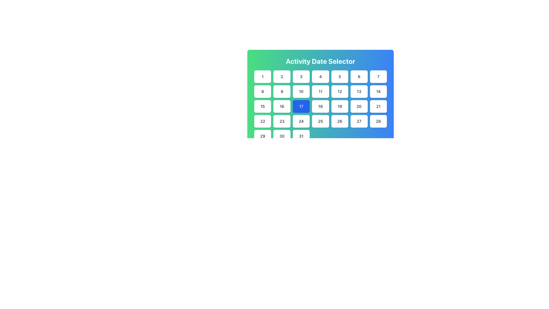  Describe the element at coordinates (262, 106) in the screenshot. I see `the button labeled '15' with a white background and gray text` at that location.